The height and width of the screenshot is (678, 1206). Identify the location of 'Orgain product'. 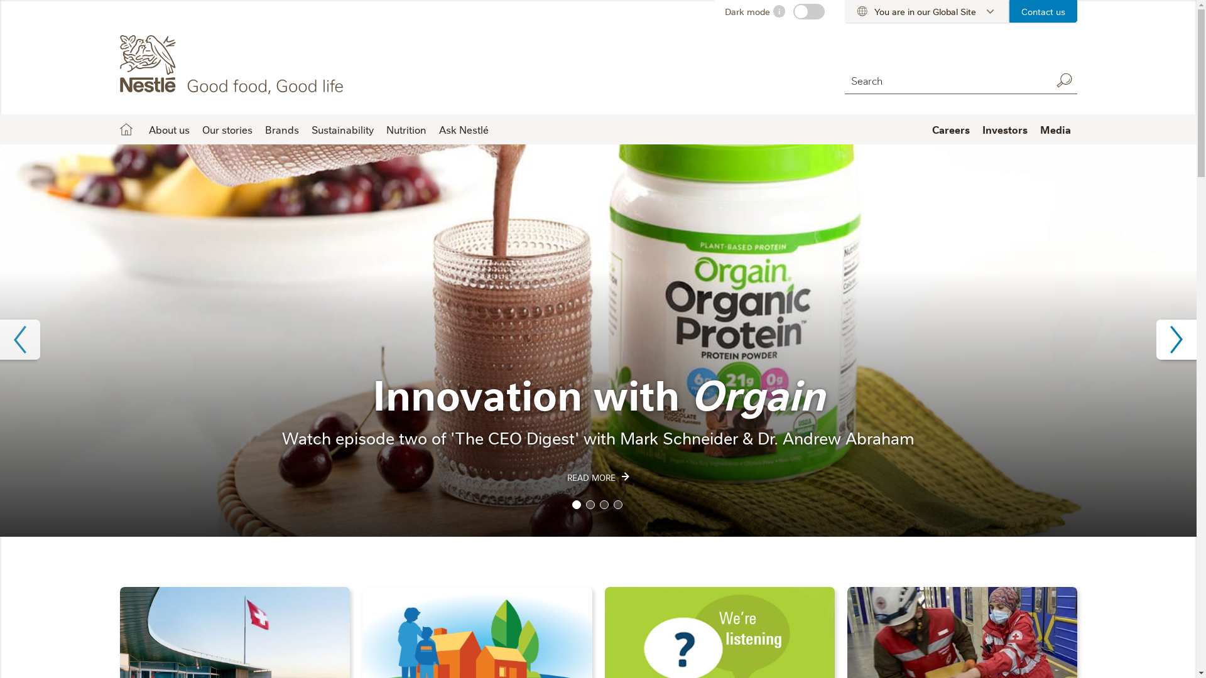
(597, 340).